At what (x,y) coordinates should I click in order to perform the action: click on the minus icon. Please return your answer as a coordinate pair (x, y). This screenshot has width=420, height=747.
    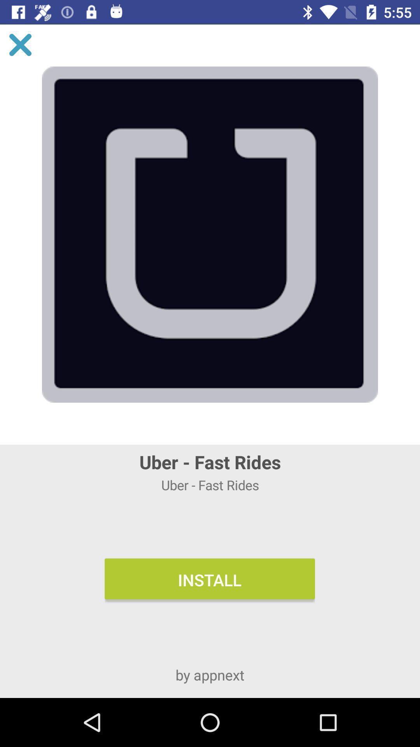
    Looking at the image, I should click on (394, 160).